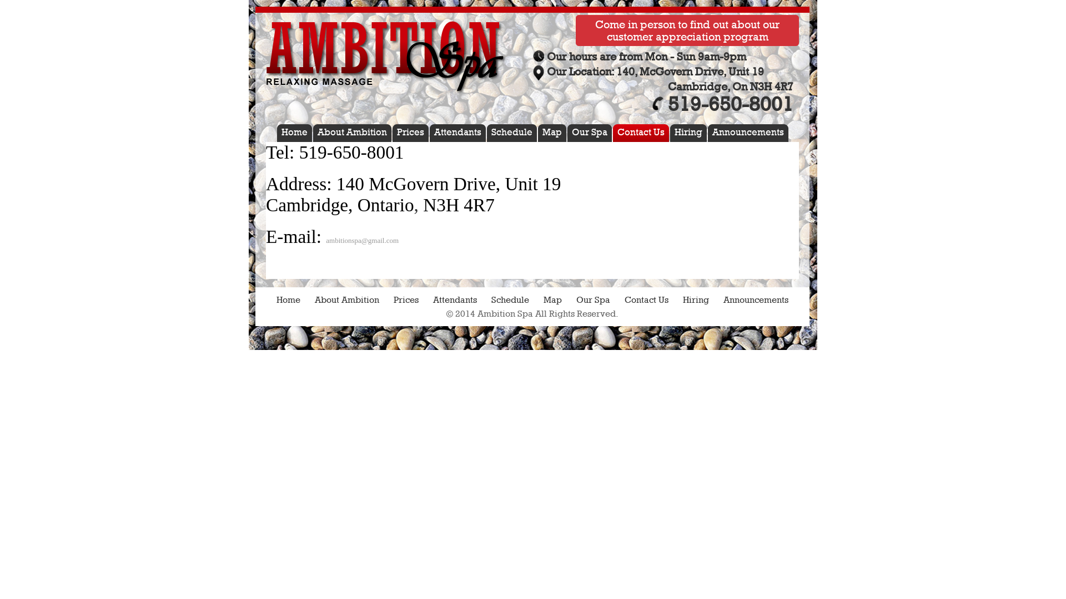 This screenshot has height=599, width=1066. I want to click on 'Map', so click(554, 132).